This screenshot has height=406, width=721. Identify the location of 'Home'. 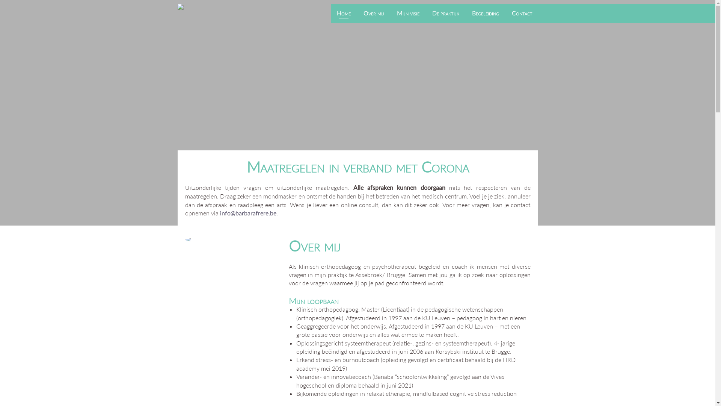
(343, 13).